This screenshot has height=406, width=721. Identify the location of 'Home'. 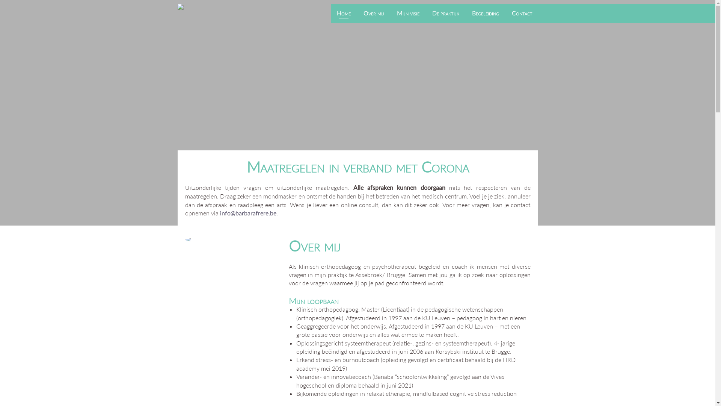
(343, 13).